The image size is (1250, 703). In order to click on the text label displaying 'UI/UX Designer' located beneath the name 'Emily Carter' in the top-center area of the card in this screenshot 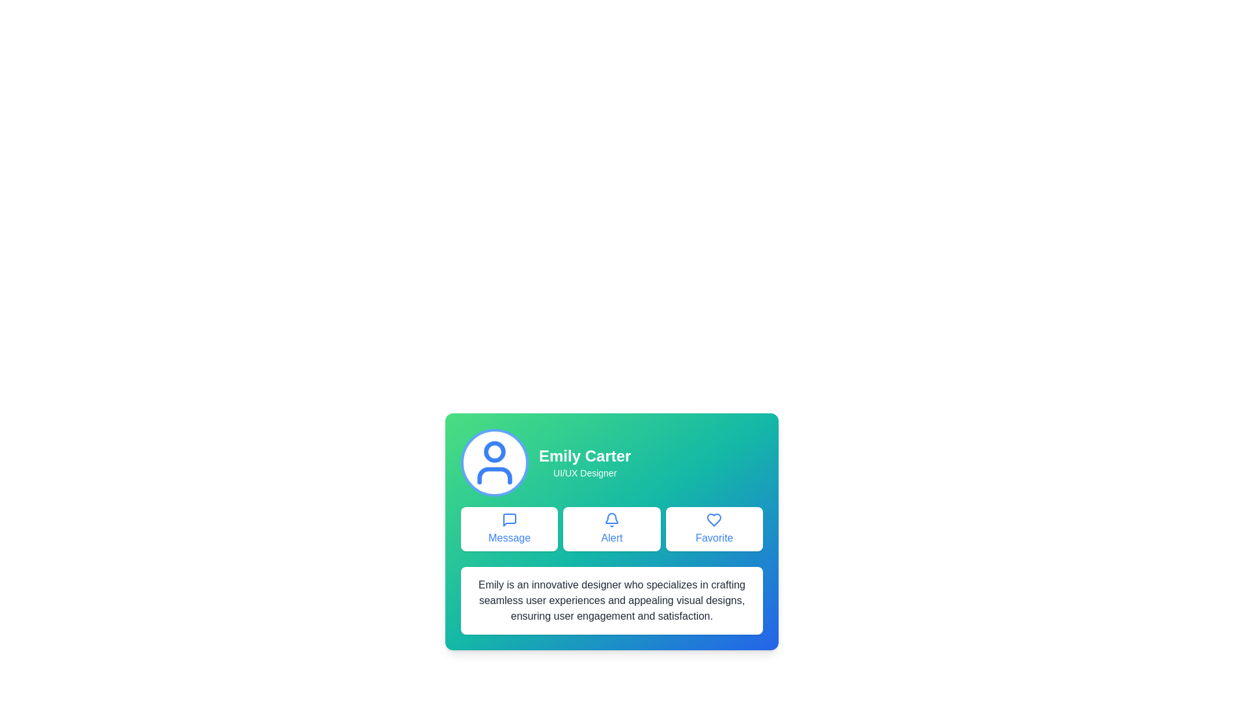, I will do `click(584, 473)`.